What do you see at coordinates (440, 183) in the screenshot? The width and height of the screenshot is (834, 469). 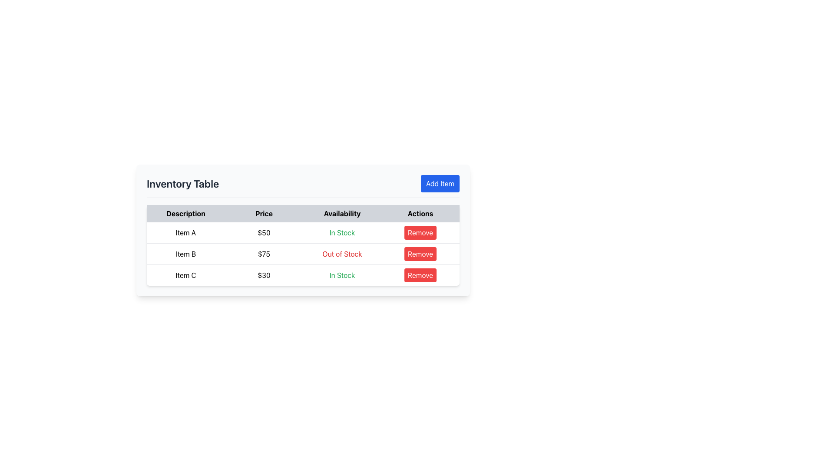 I see `the 'Add New Item' button located at the top-right corner of the 'Inventory Table' panel to initiate the action` at bounding box center [440, 183].